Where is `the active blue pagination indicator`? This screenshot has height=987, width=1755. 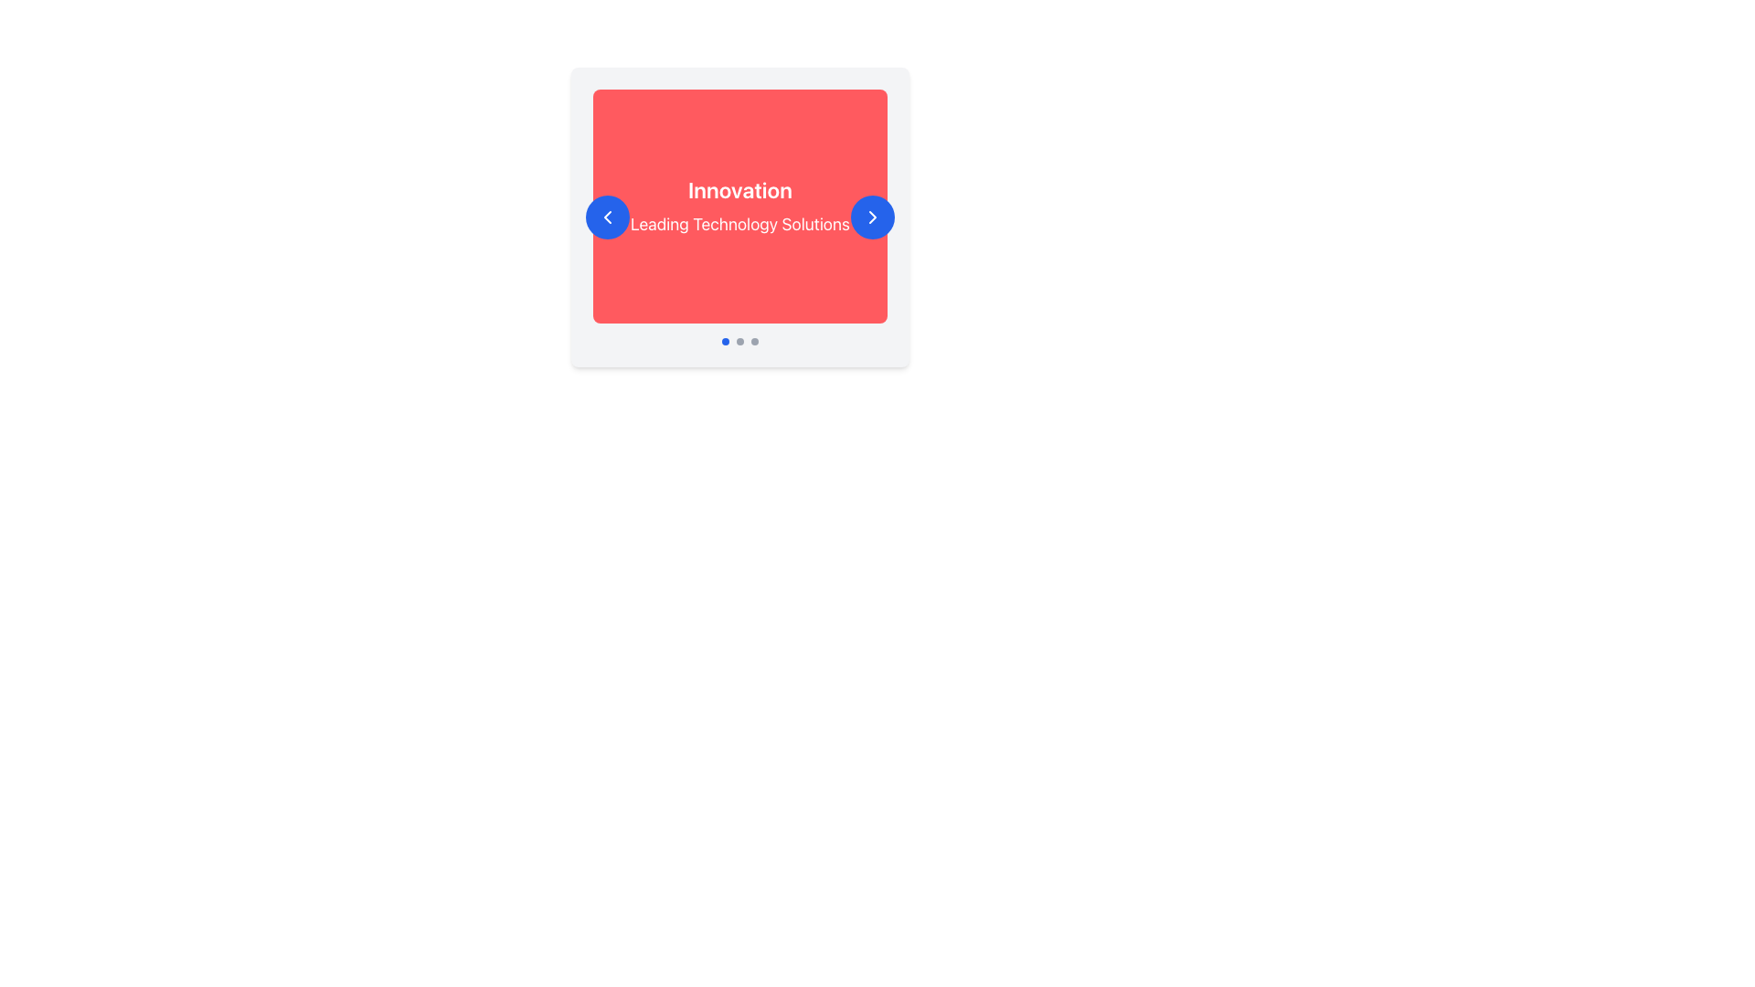
the active blue pagination indicator is located at coordinates (740, 342).